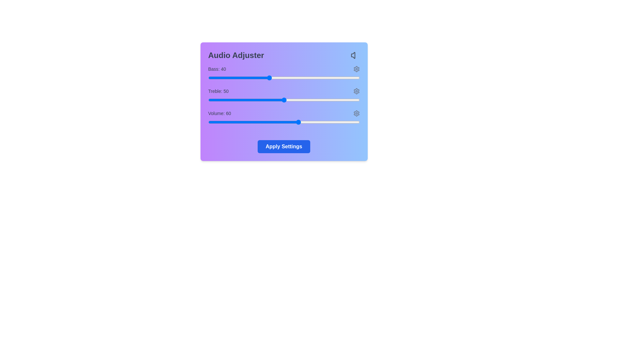 This screenshot has height=352, width=627. Describe the element at coordinates (287, 100) in the screenshot. I see `the treble level` at that location.